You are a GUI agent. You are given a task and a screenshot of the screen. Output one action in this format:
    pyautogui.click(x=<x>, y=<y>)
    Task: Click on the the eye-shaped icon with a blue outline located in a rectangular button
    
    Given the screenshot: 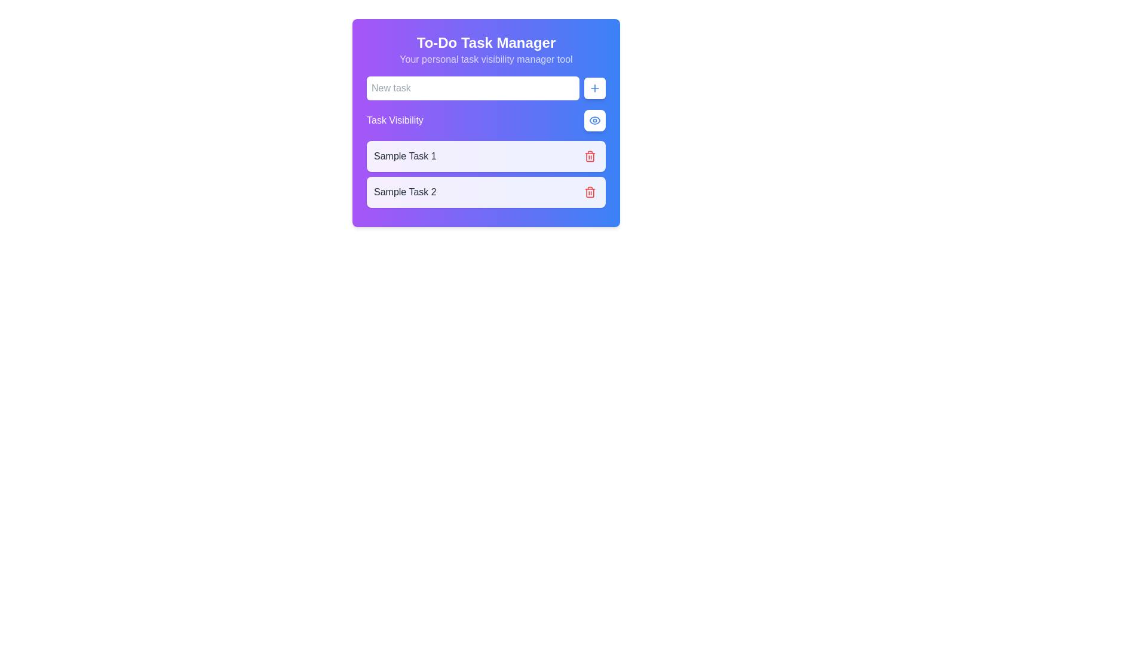 What is the action you would take?
    pyautogui.click(x=595, y=120)
    